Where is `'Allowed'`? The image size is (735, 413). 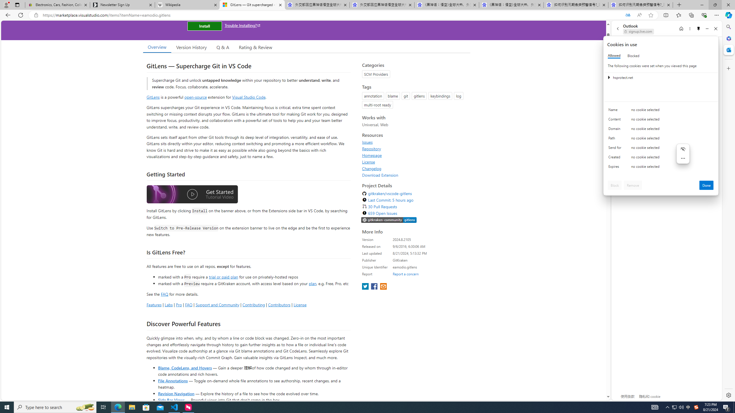 'Allowed' is located at coordinates (614, 56).